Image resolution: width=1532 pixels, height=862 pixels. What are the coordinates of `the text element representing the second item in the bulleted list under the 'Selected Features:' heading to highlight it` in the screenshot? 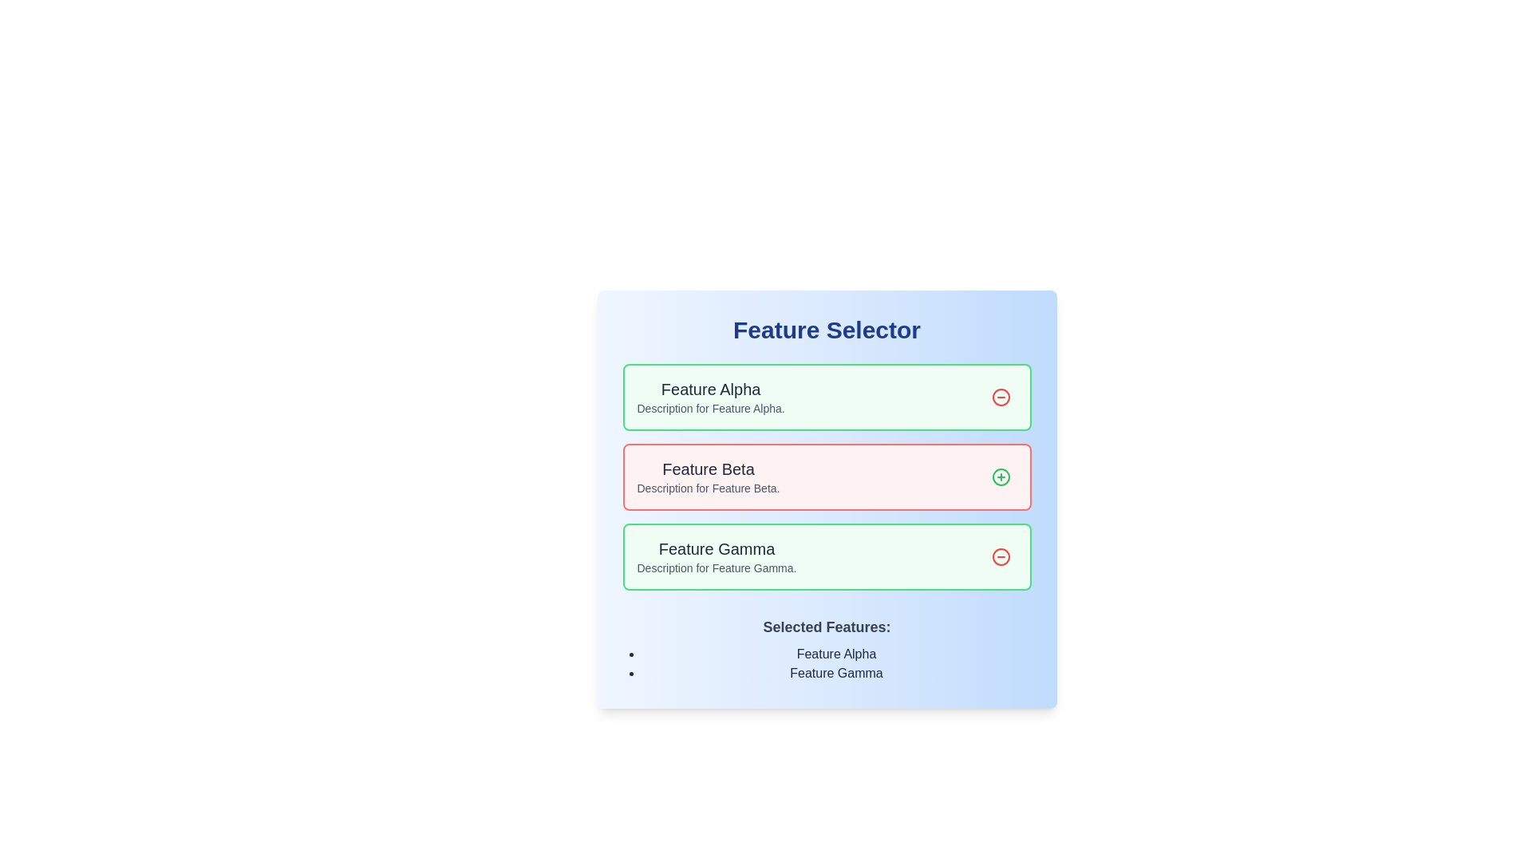 It's located at (835, 674).